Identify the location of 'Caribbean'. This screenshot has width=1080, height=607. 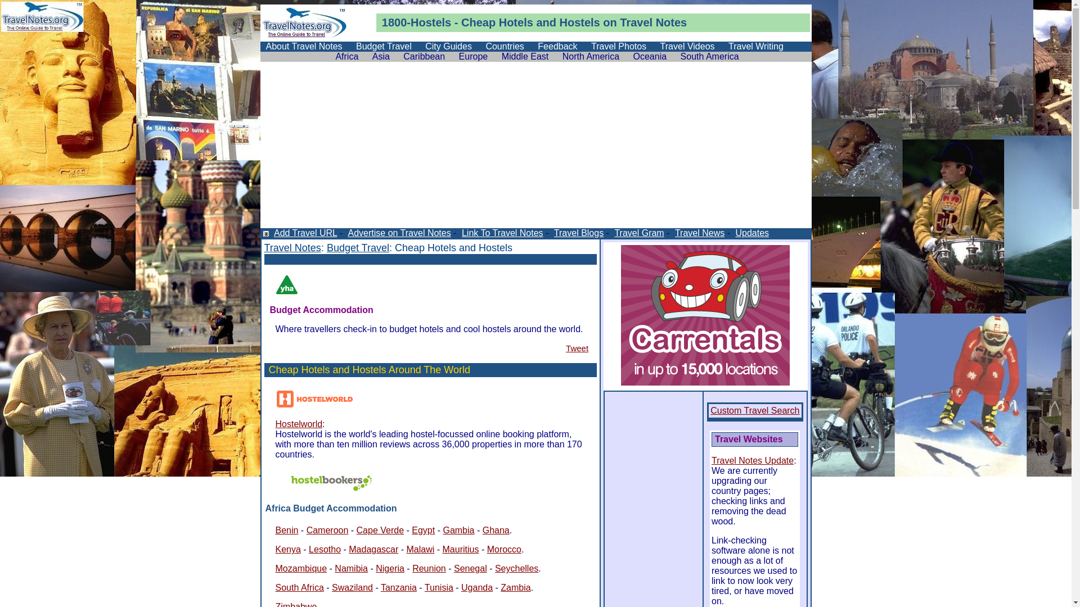
(423, 56).